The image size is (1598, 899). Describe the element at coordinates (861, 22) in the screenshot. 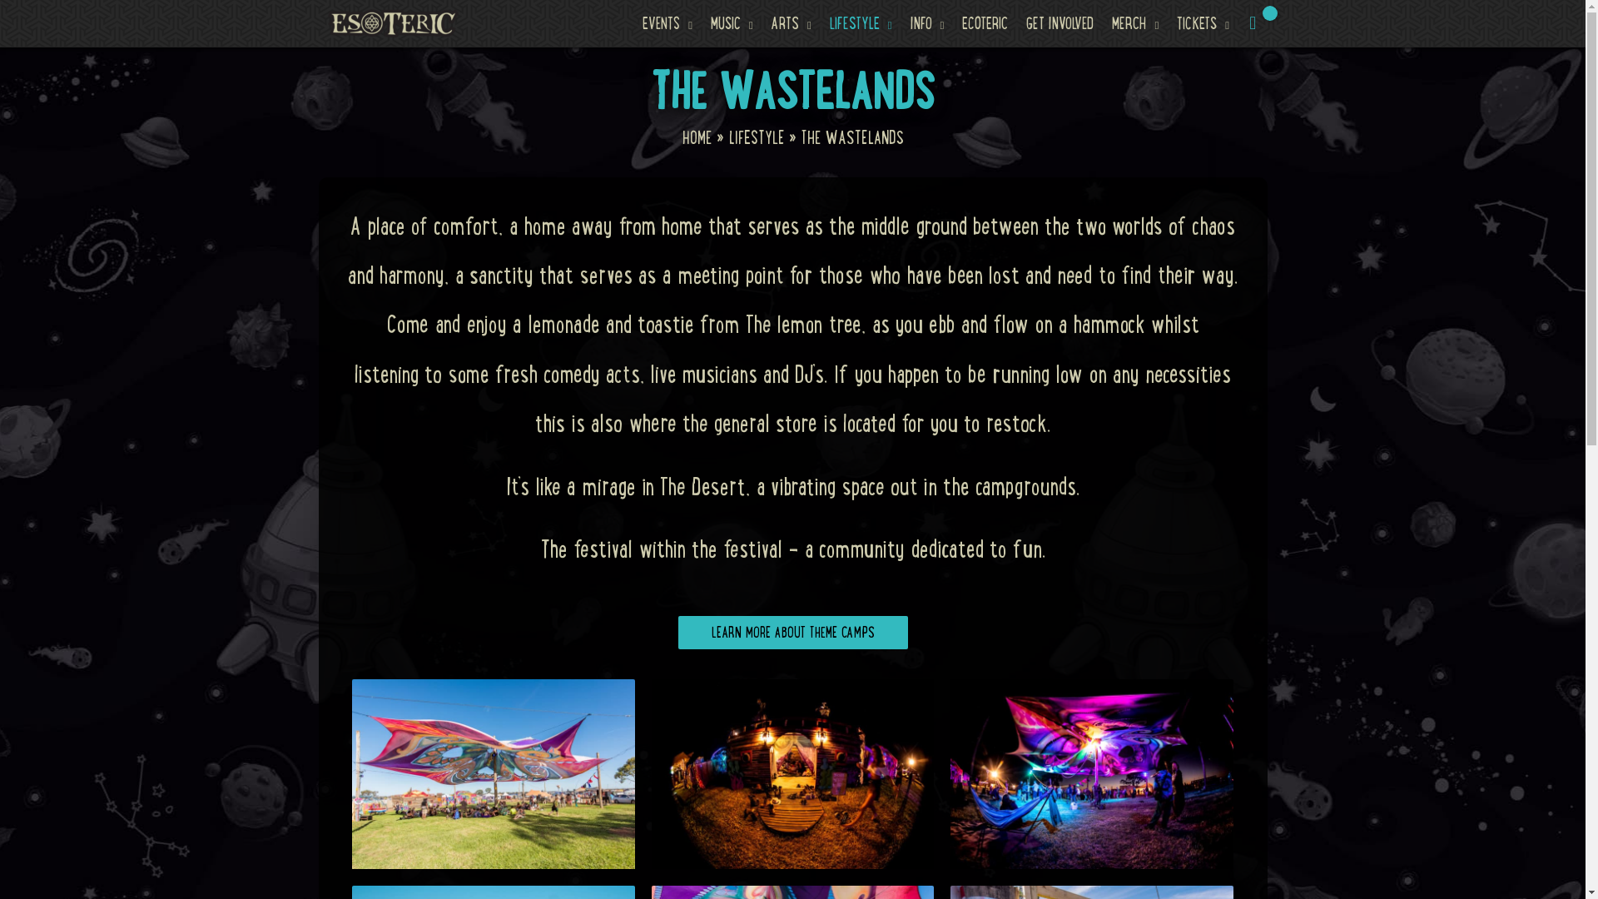

I see `'LIFESTYLE'` at that location.